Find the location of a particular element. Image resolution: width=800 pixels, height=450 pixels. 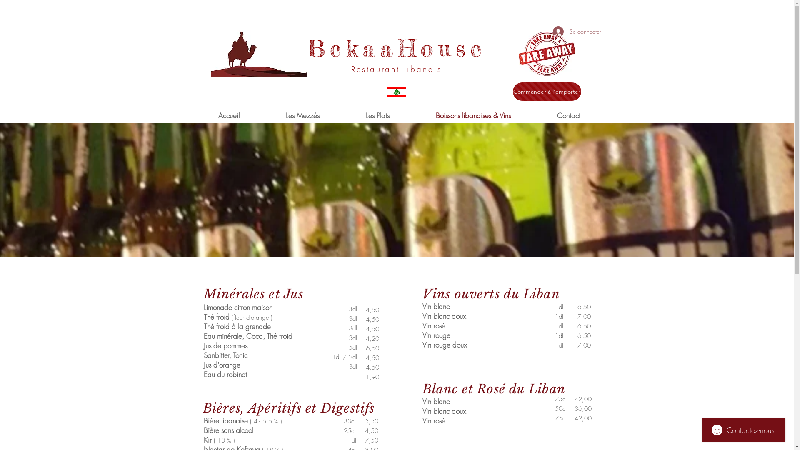

'Accueil' is located at coordinates (228, 115).